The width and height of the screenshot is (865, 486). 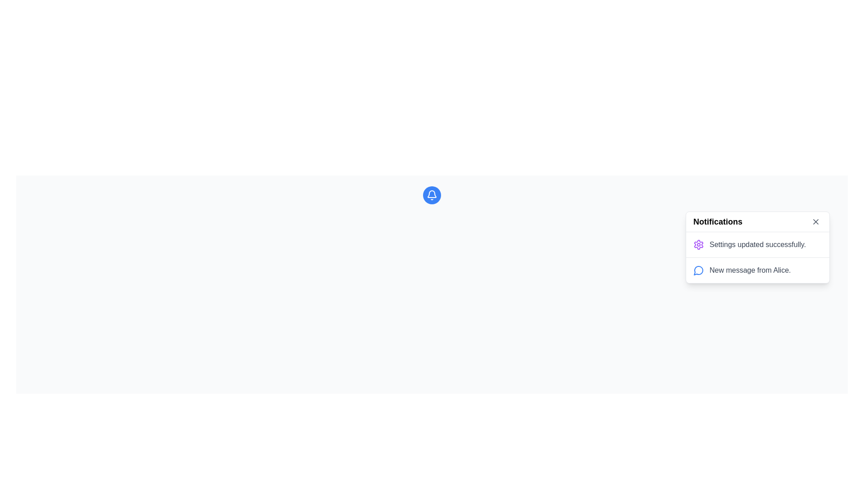 I want to click on the circular blue button with a white bell icon, so click(x=432, y=195).